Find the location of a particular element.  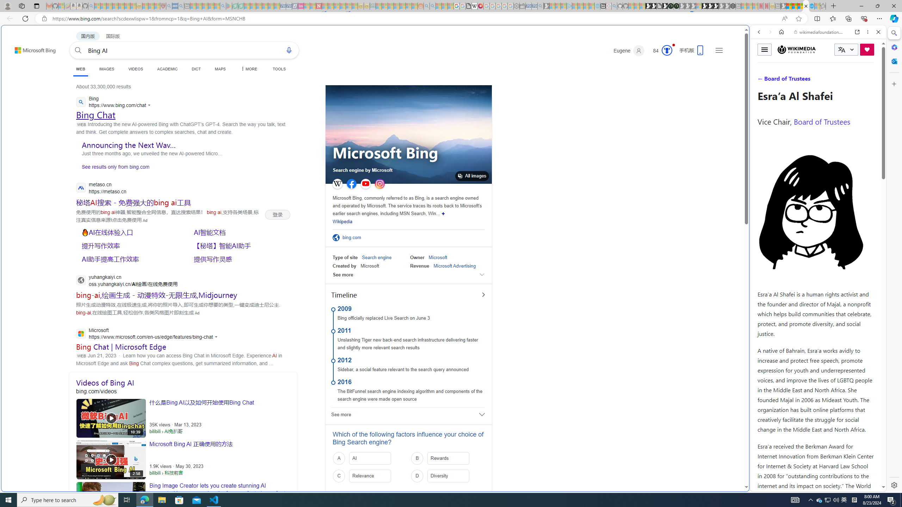

'Terms of Use Agreement - Sleeping' is located at coordinates (234, 6).